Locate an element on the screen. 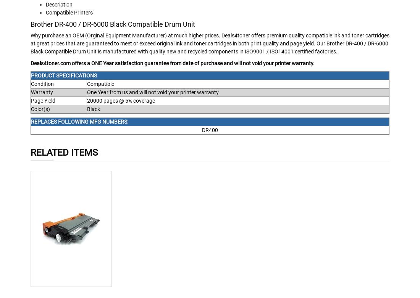 The width and height of the screenshot is (420, 298). 'DR400' is located at coordinates (210, 130).